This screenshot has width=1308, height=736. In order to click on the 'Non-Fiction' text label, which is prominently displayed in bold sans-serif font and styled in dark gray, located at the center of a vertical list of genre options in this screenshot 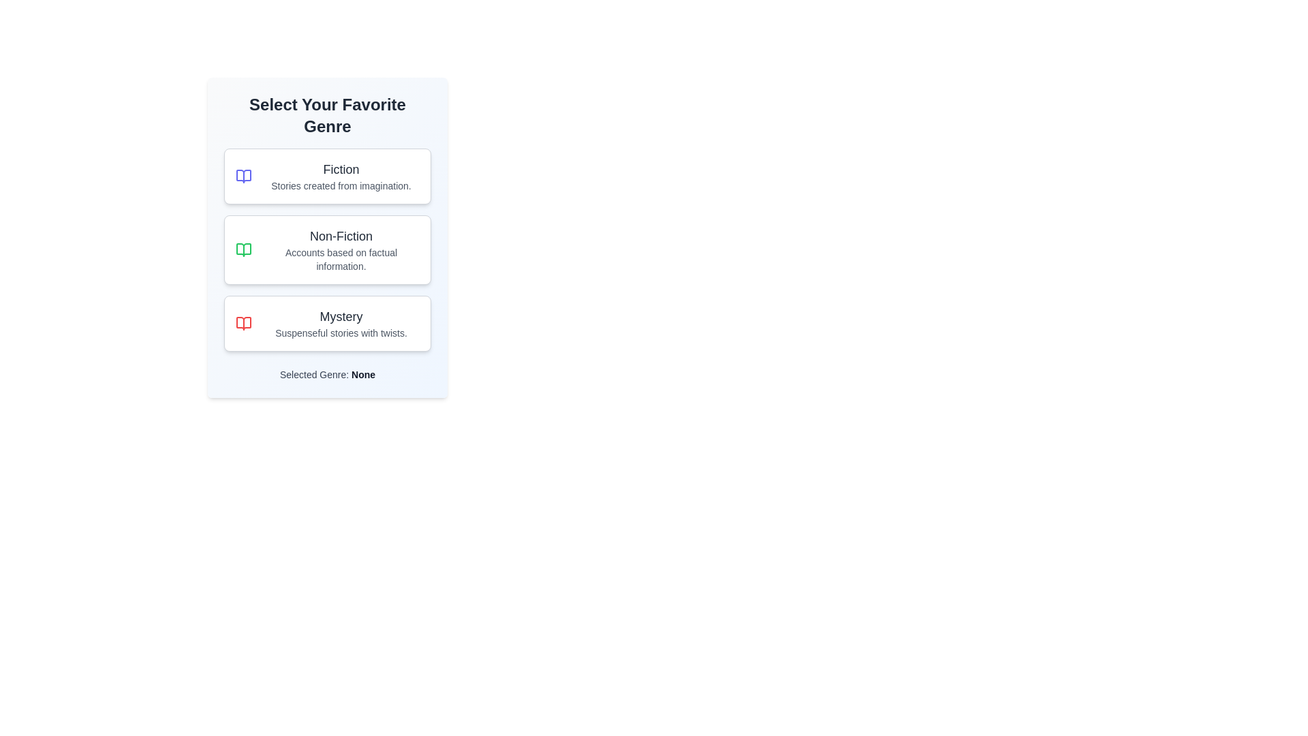, I will do `click(341, 236)`.